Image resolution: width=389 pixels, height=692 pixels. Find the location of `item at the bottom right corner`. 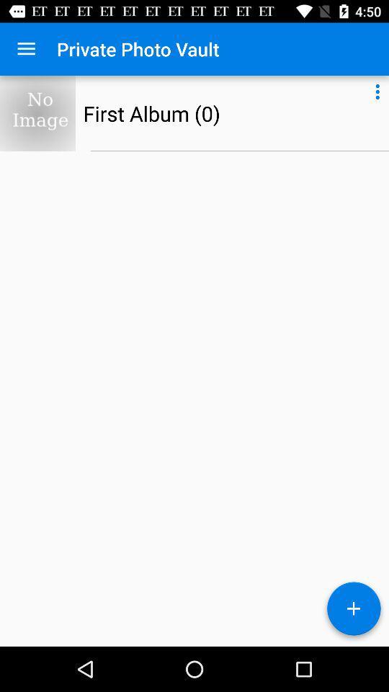

item at the bottom right corner is located at coordinates (353, 611).